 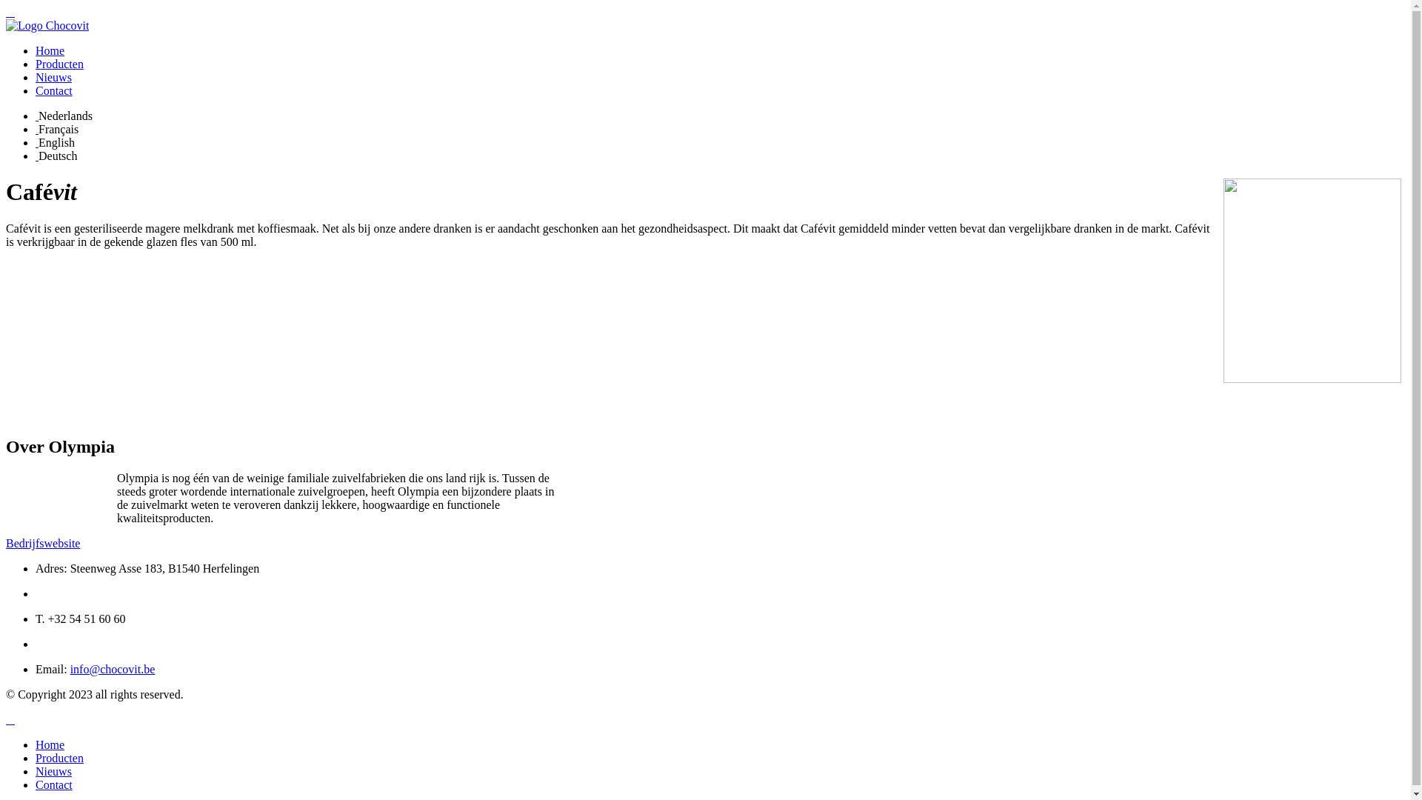 What do you see at coordinates (59, 63) in the screenshot?
I see `'Producten'` at bounding box center [59, 63].